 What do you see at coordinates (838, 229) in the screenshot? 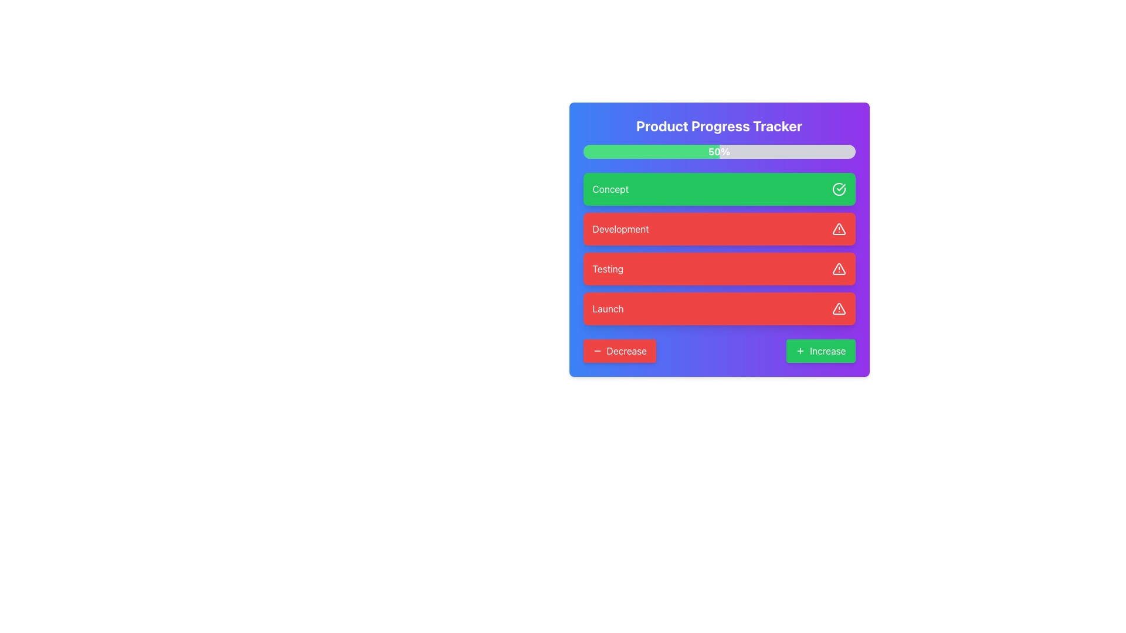
I see `the triangular warning icon with a centered exclamation mark located in the 'Development' section of the product progress tracker interface` at bounding box center [838, 229].